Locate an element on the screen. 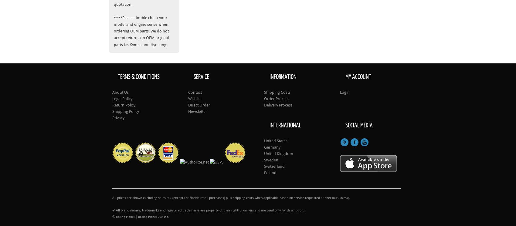 This screenshot has width=516, height=226. 'United Kingdom' is located at coordinates (279, 153).